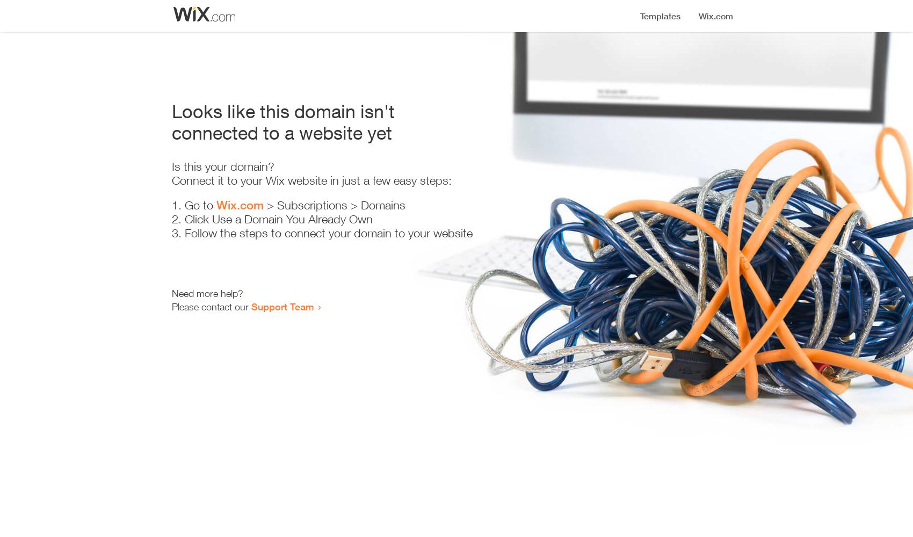  Describe the element at coordinates (171, 166) in the screenshot. I see `'Is this your domain?'` at that location.